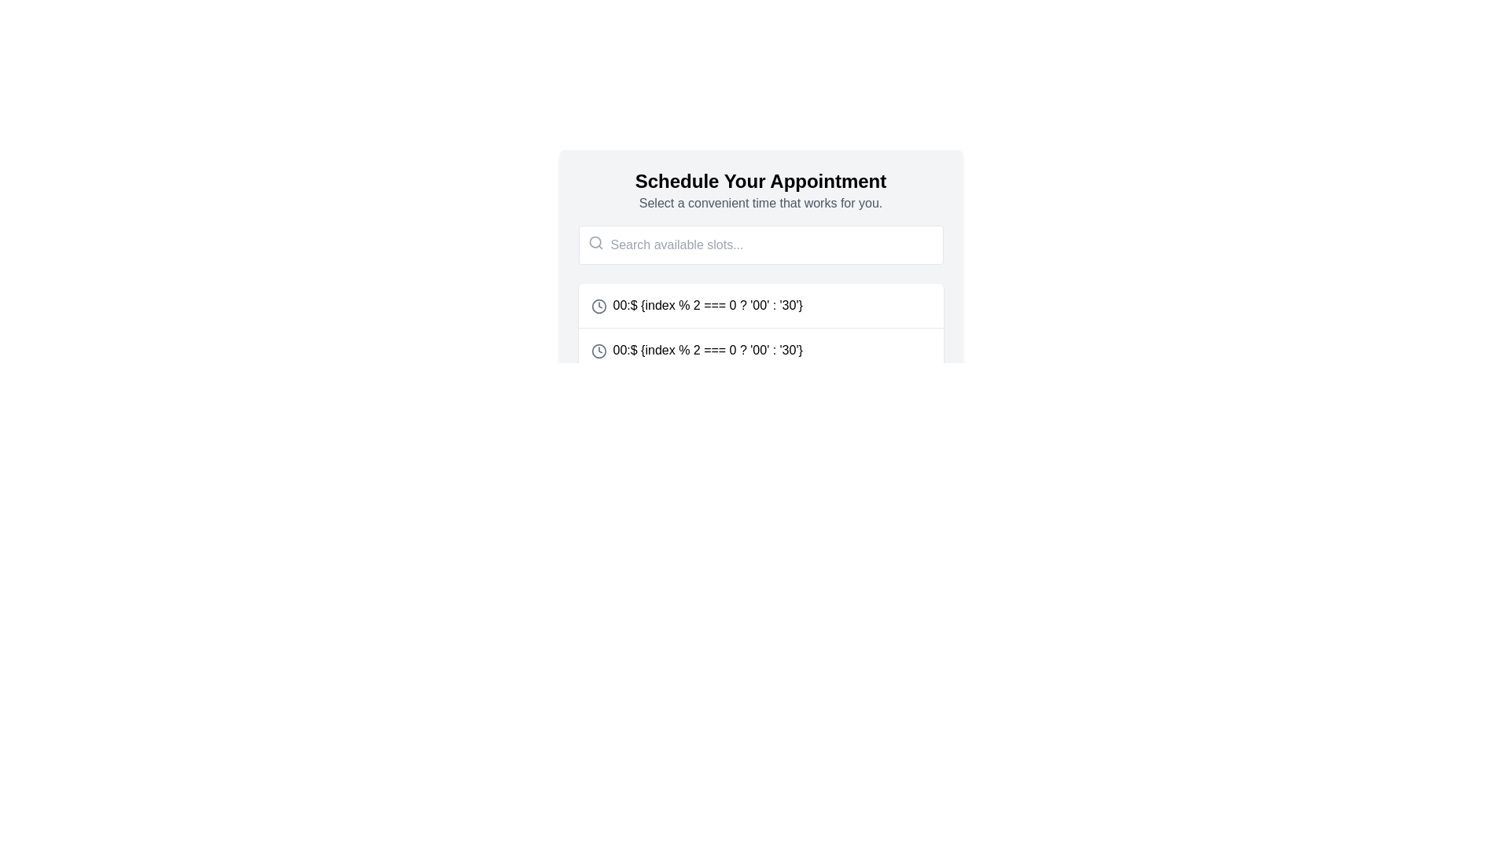 The width and height of the screenshot is (1510, 849). I want to click on the first list item directly below the search bar, so click(761, 306).